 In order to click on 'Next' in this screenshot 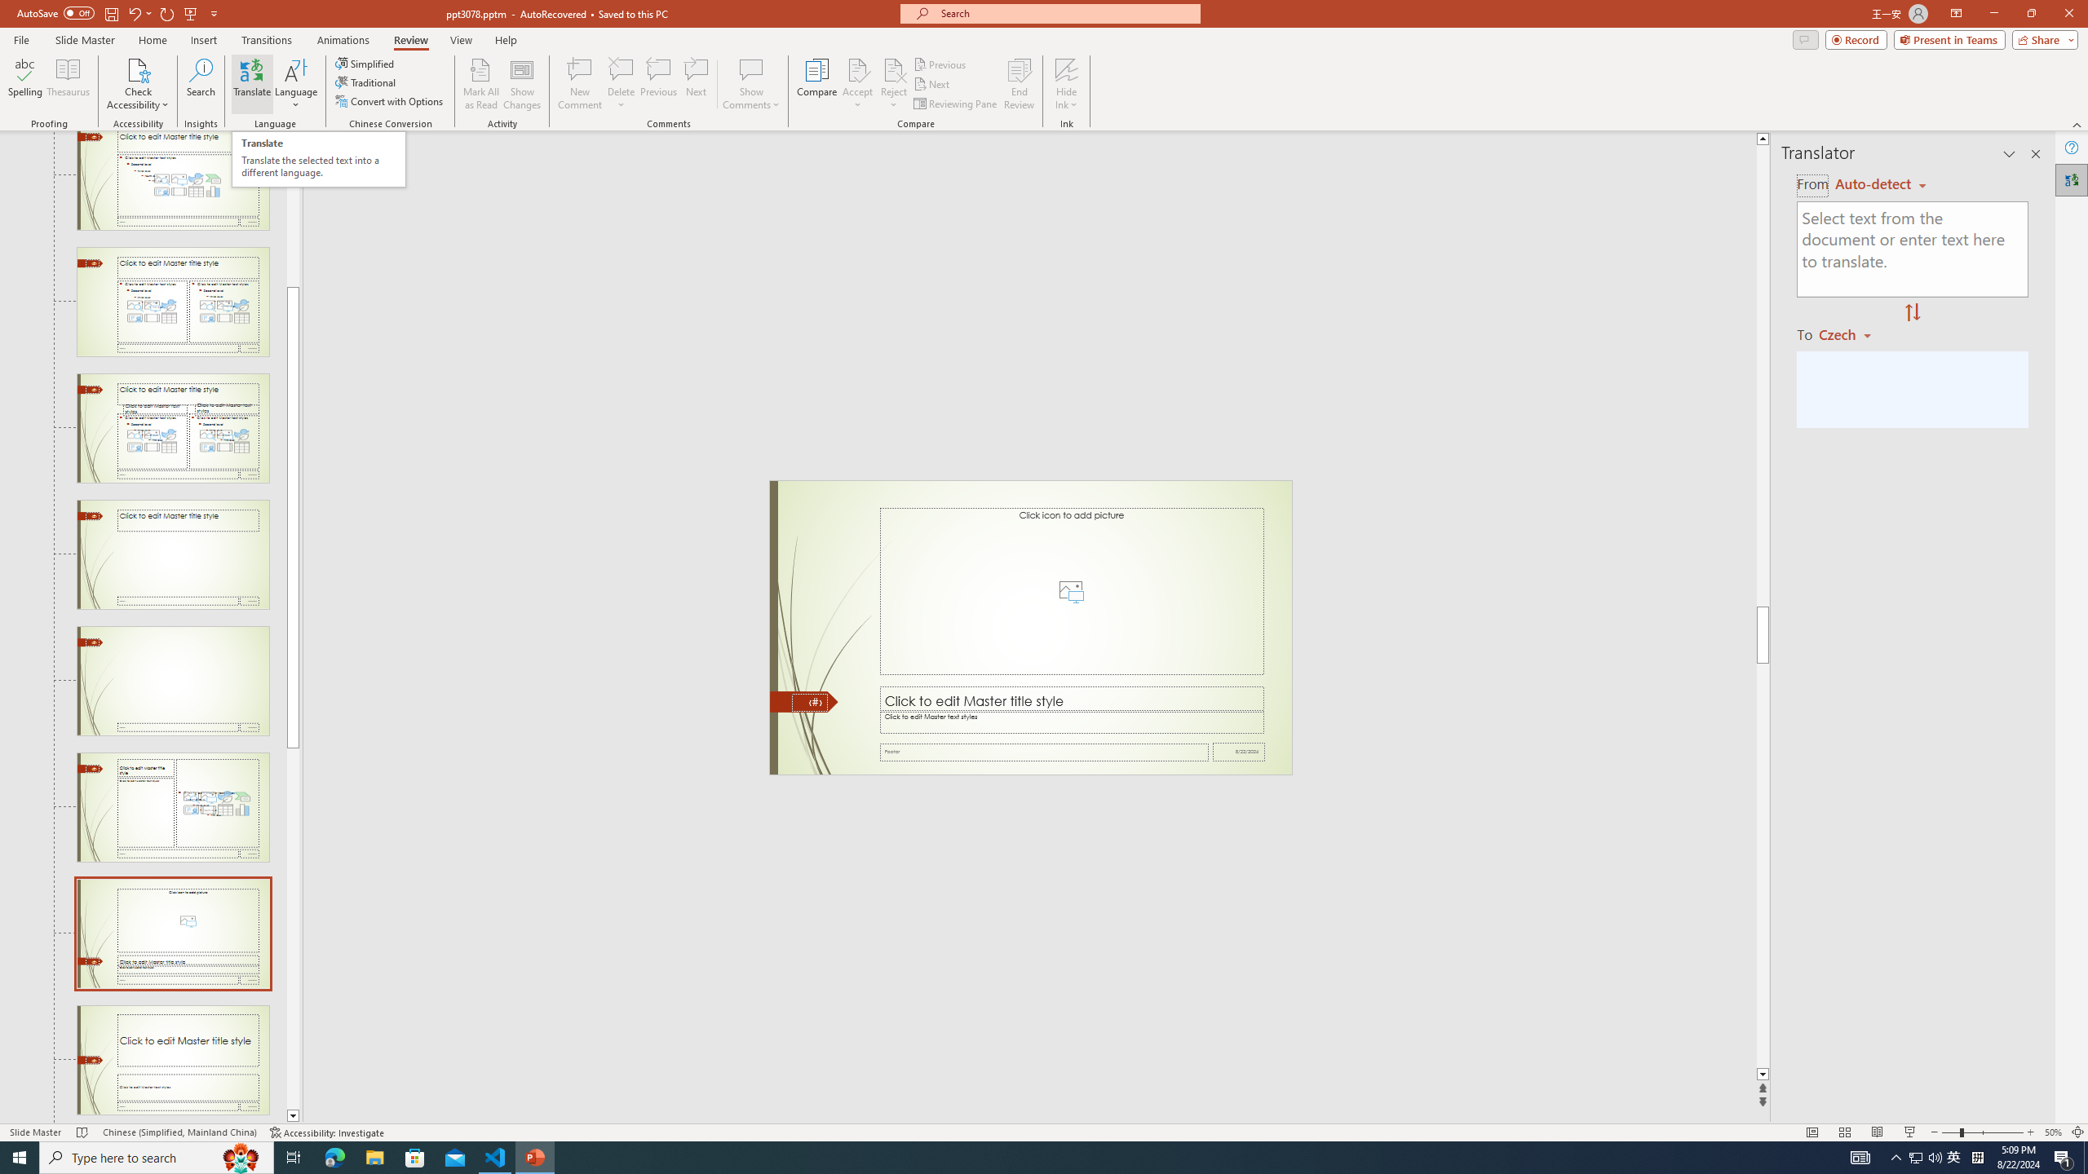, I will do `click(931, 84)`.